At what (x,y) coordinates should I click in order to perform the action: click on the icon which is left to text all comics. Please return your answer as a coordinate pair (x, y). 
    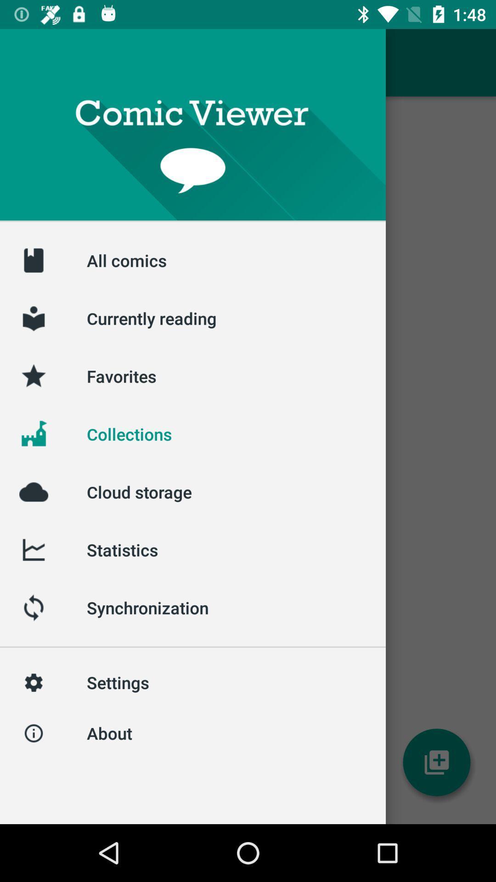
    Looking at the image, I should click on (33, 260).